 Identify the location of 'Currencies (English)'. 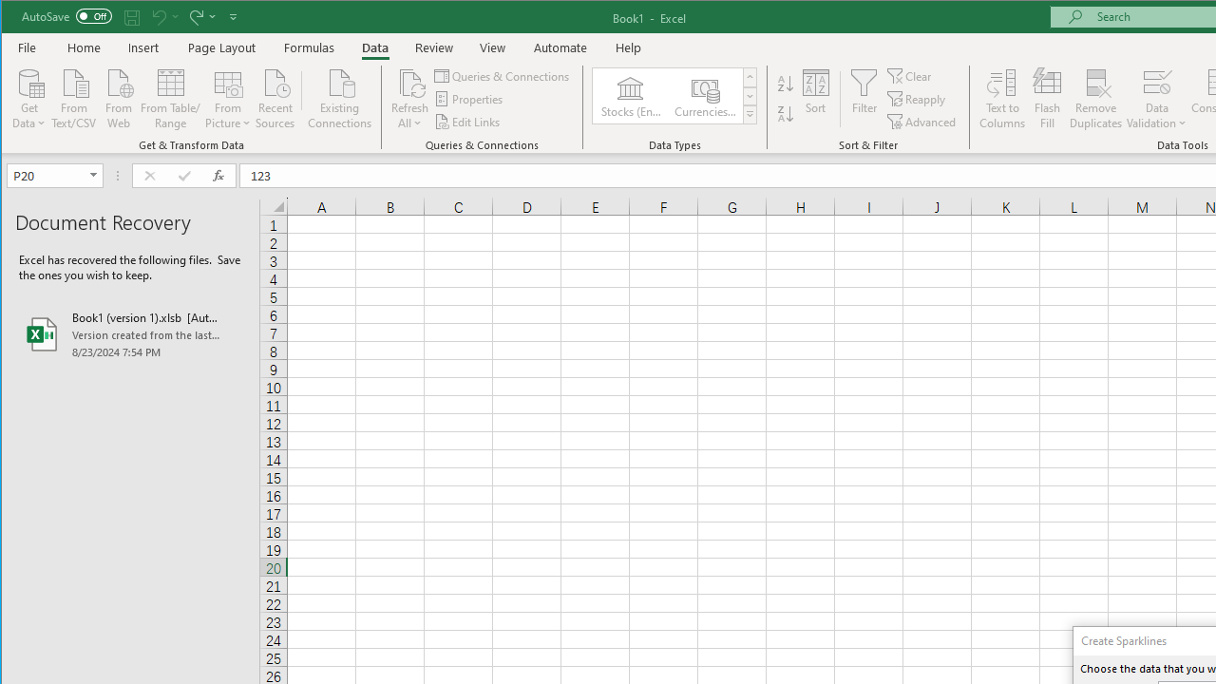
(703, 95).